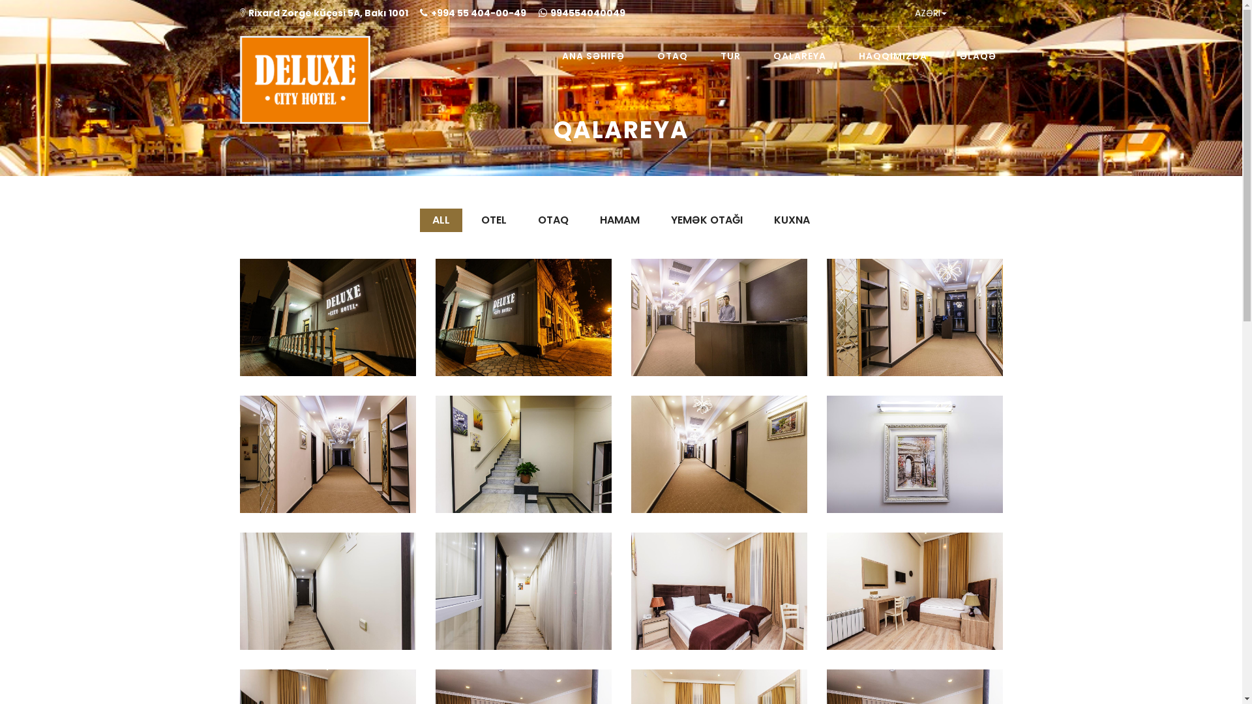  Describe the element at coordinates (914, 454) in the screenshot. I see `'Otel'` at that location.